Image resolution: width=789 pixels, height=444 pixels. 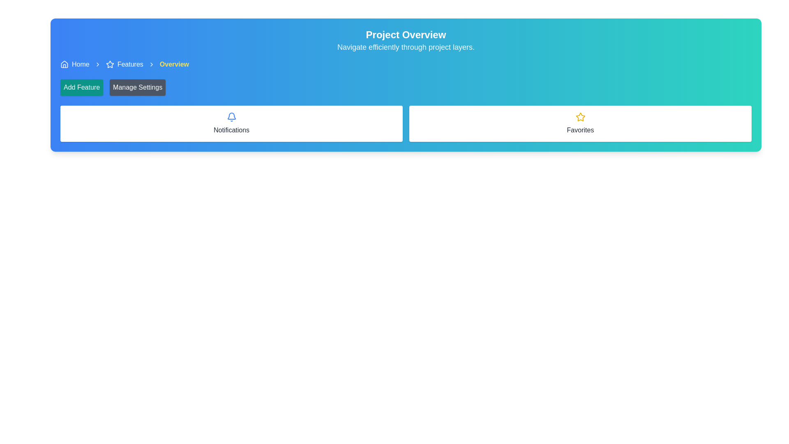 What do you see at coordinates (64, 64) in the screenshot?
I see `the house-shaped icon in the top-left corner of the interface, located in the breadcrumb navigation bar` at bounding box center [64, 64].